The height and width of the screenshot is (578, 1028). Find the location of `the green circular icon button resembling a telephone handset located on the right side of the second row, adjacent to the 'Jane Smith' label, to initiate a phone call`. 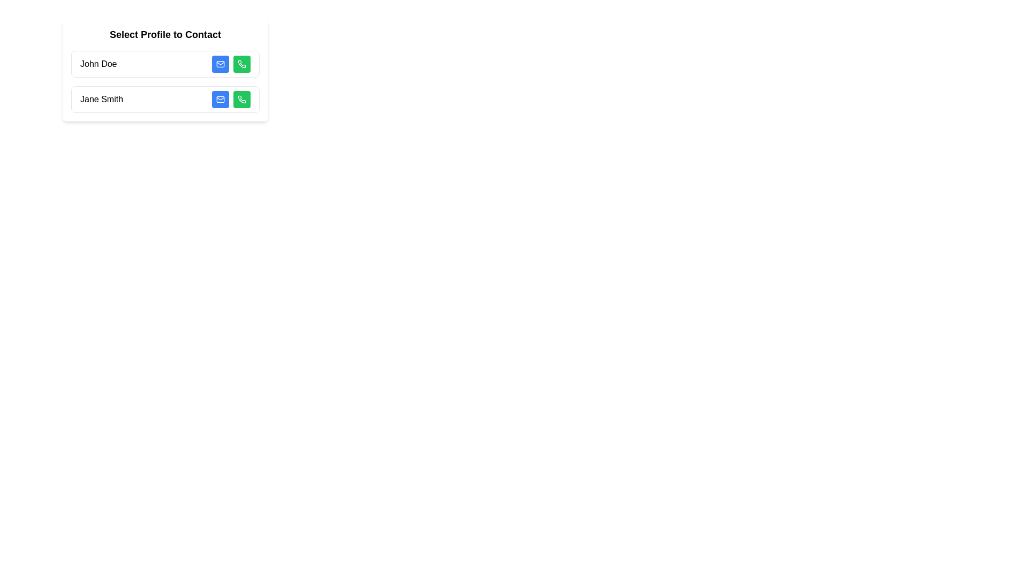

the green circular icon button resembling a telephone handset located on the right side of the second row, adjacent to the 'Jane Smith' label, to initiate a phone call is located at coordinates (241, 64).